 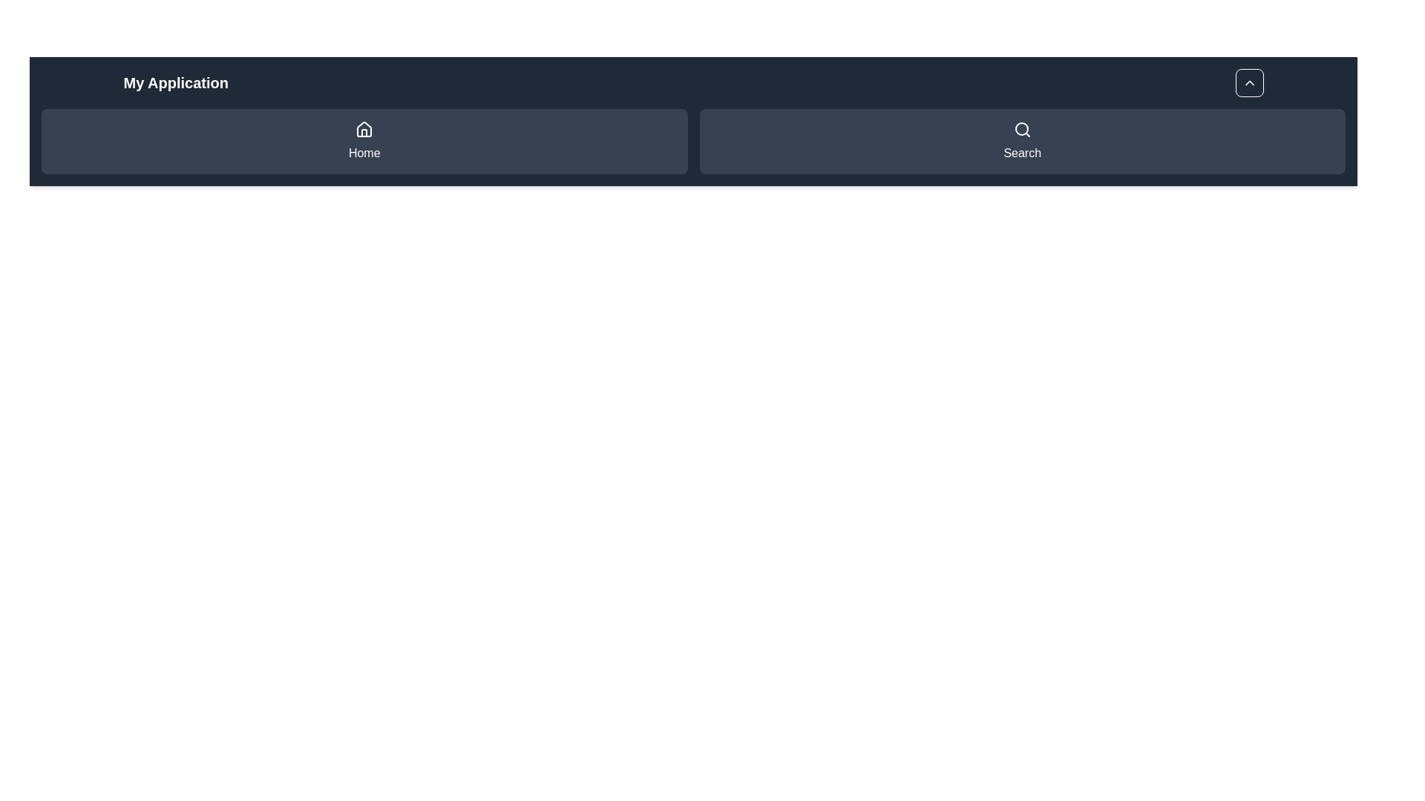 I want to click on the 'Home' icon, which is centrally positioned within the 'Home' button on the leftmost side of the navigation bar under the header 'My Application', so click(x=364, y=128).